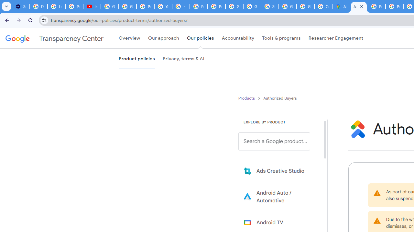 The width and height of the screenshot is (414, 232). What do you see at coordinates (238, 38) in the screenshot?
I see `'Accountability'` at bounding box center [238, 38].